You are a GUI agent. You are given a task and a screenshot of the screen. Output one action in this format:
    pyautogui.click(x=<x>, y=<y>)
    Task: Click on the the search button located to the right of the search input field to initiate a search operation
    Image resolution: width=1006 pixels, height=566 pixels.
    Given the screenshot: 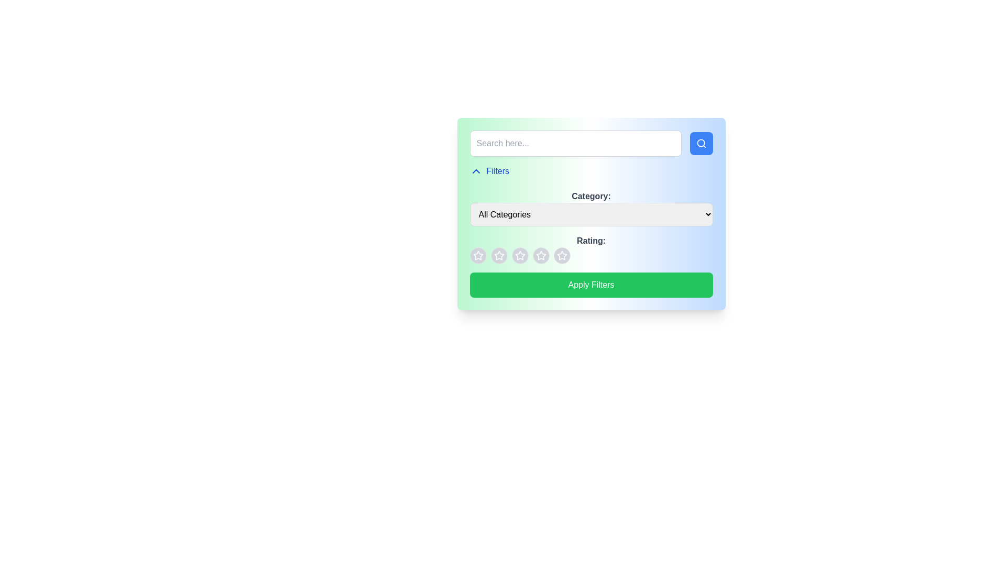 What is the action you would take?
    pyautogui.click(x=701, y=143)
    